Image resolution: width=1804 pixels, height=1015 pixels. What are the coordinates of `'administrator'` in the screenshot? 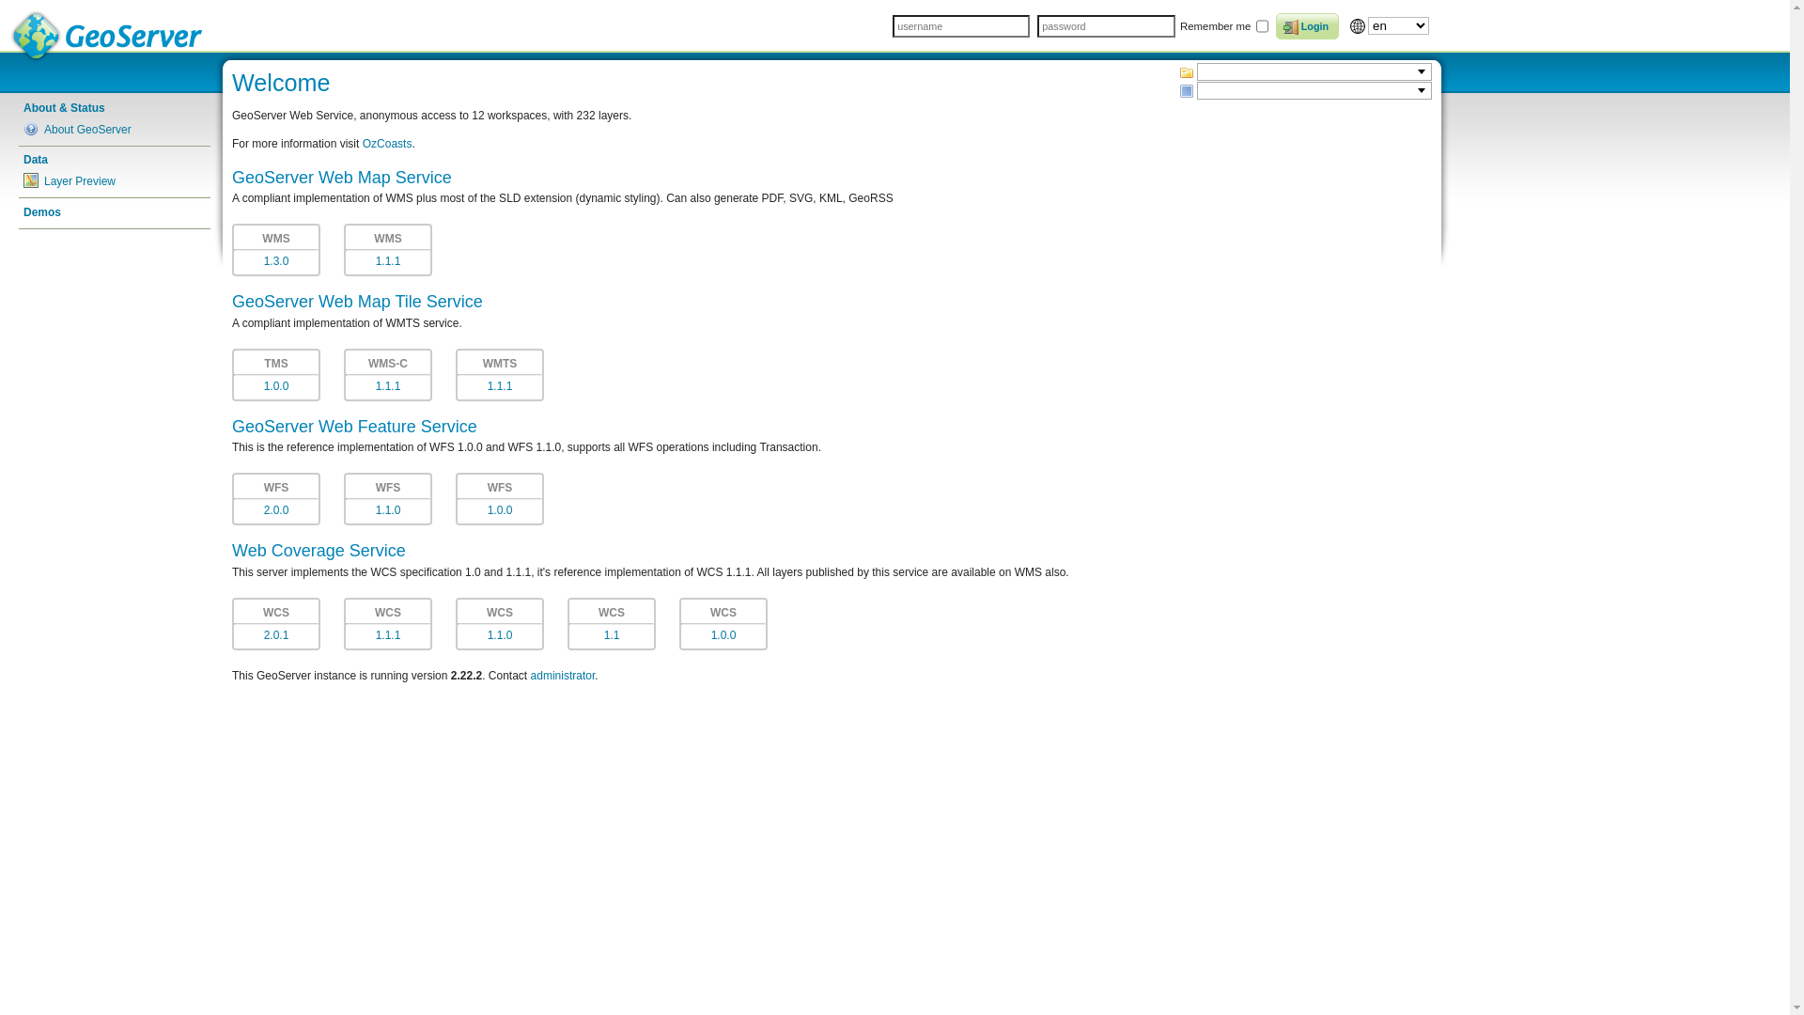 It's located at (562, 674).